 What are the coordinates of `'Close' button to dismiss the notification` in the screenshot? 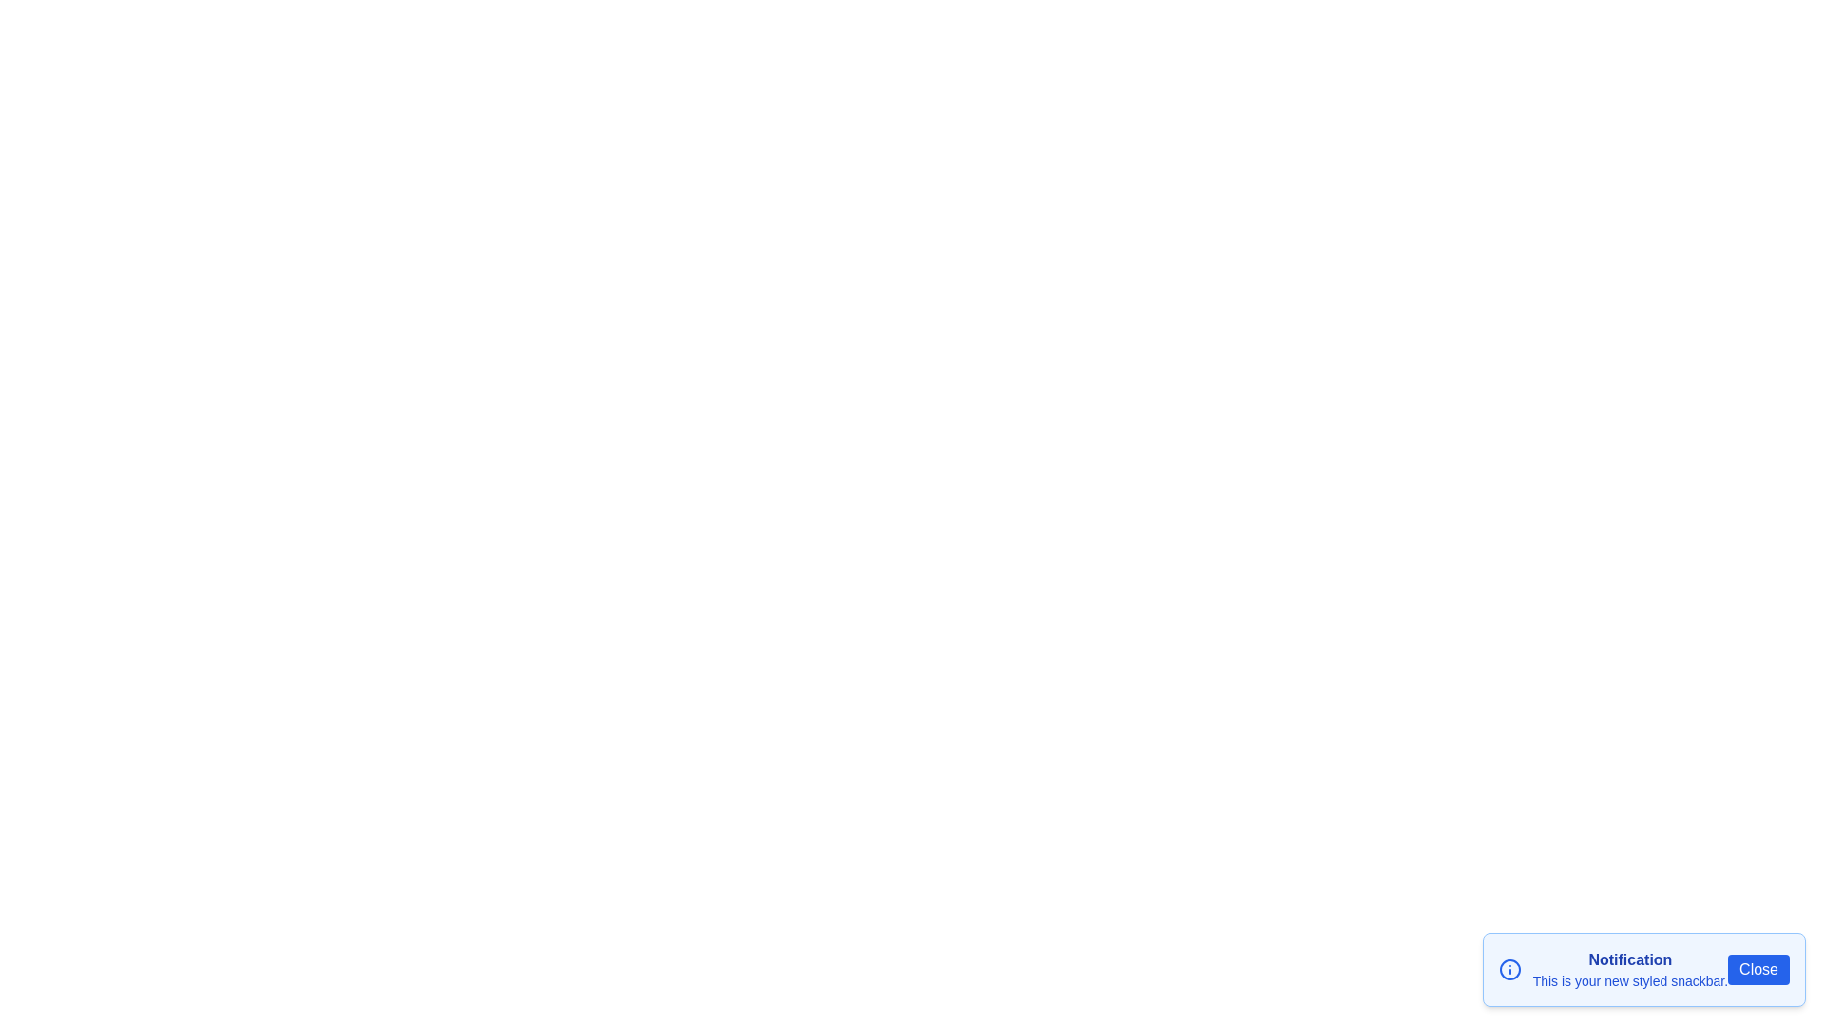 It's located at (1758, 970).